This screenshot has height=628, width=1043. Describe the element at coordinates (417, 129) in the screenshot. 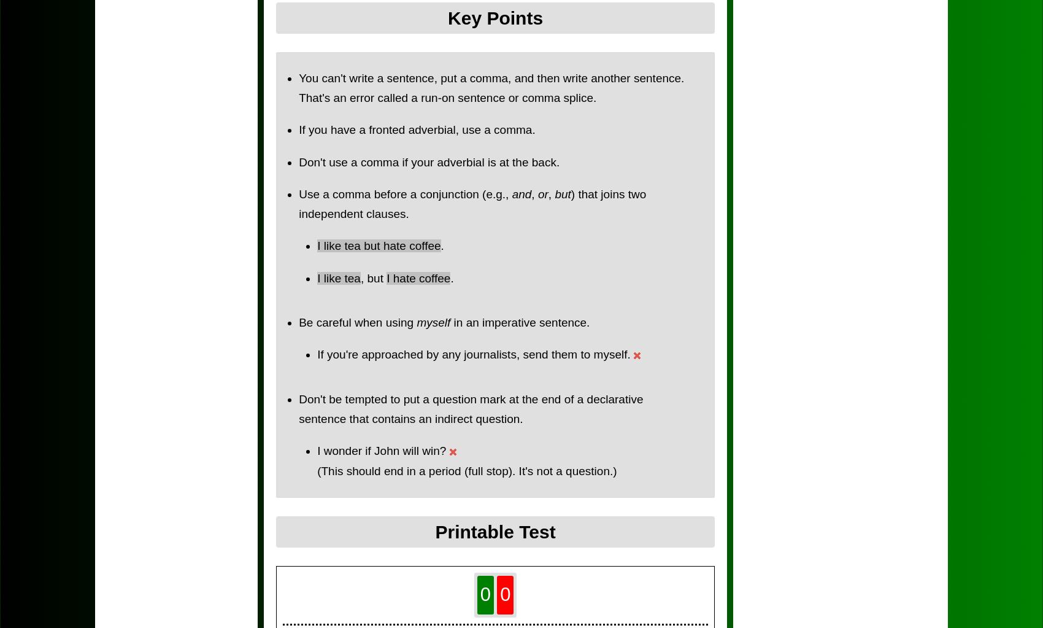

I see `'If you have a fronted adverbial, use a comma.'` at that location.